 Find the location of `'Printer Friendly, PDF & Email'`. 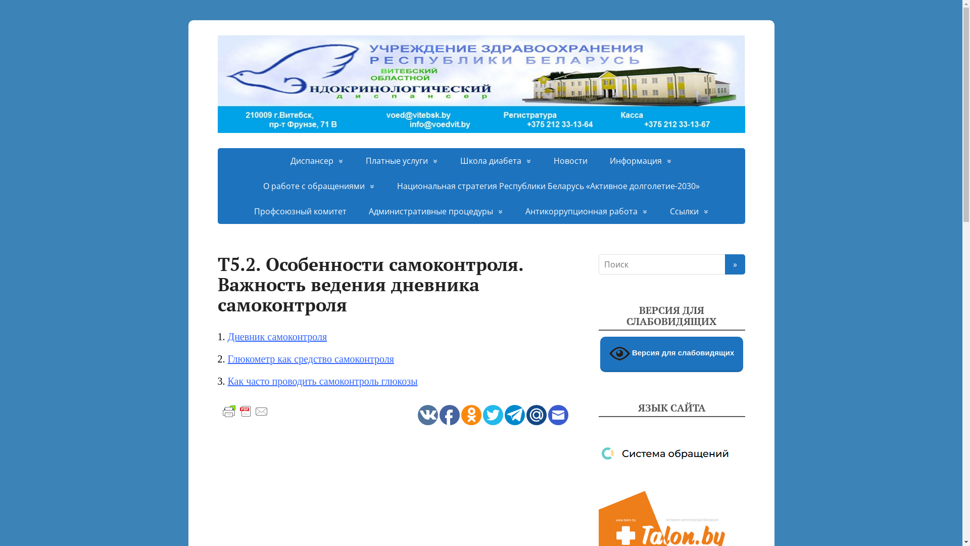

'Printer Friendly, PDF & Email' is located at coordinates (245, 410).